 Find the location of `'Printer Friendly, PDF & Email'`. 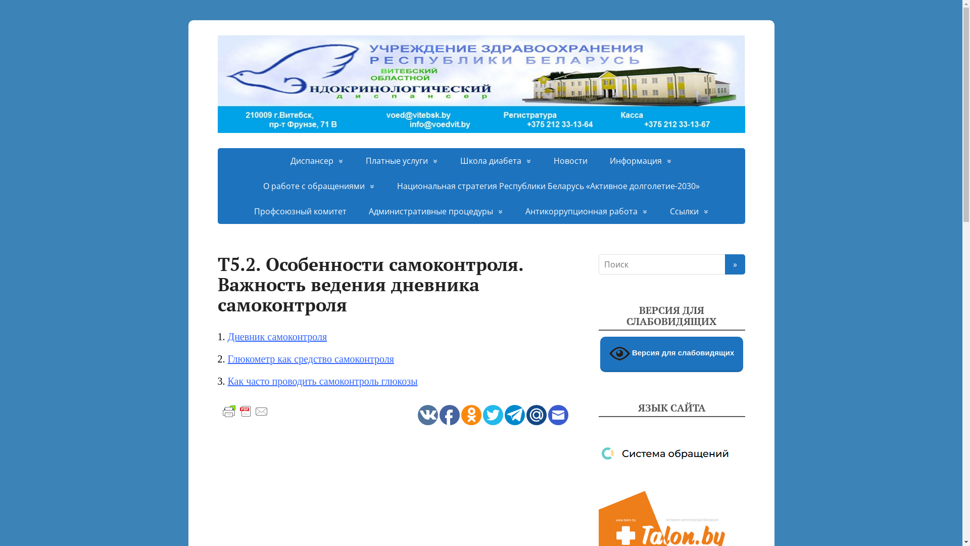

'Printer Friendly, PDF & Email' is located at coordinates (245, 410).